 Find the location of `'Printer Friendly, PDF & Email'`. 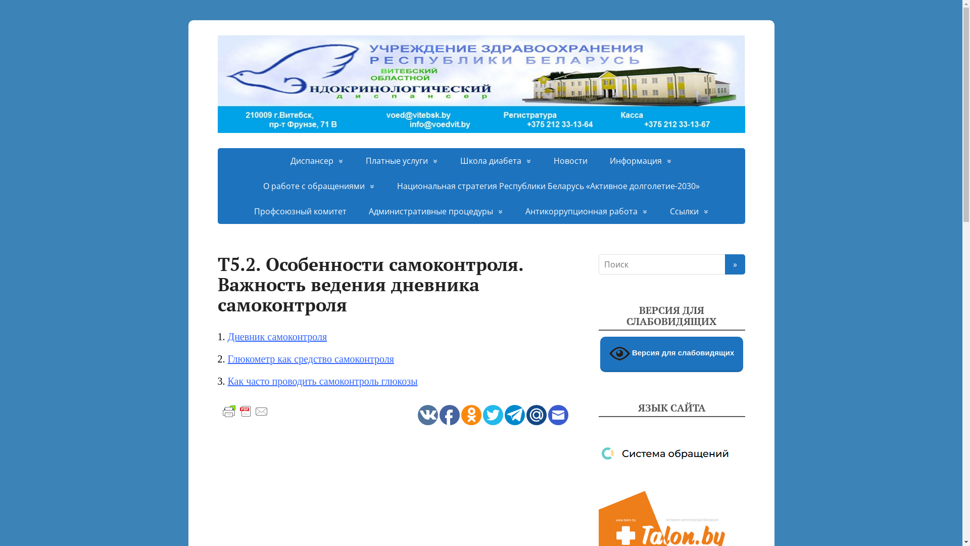

'Printer Friendly, PDF & Email' is located at coordinates (245, 410).